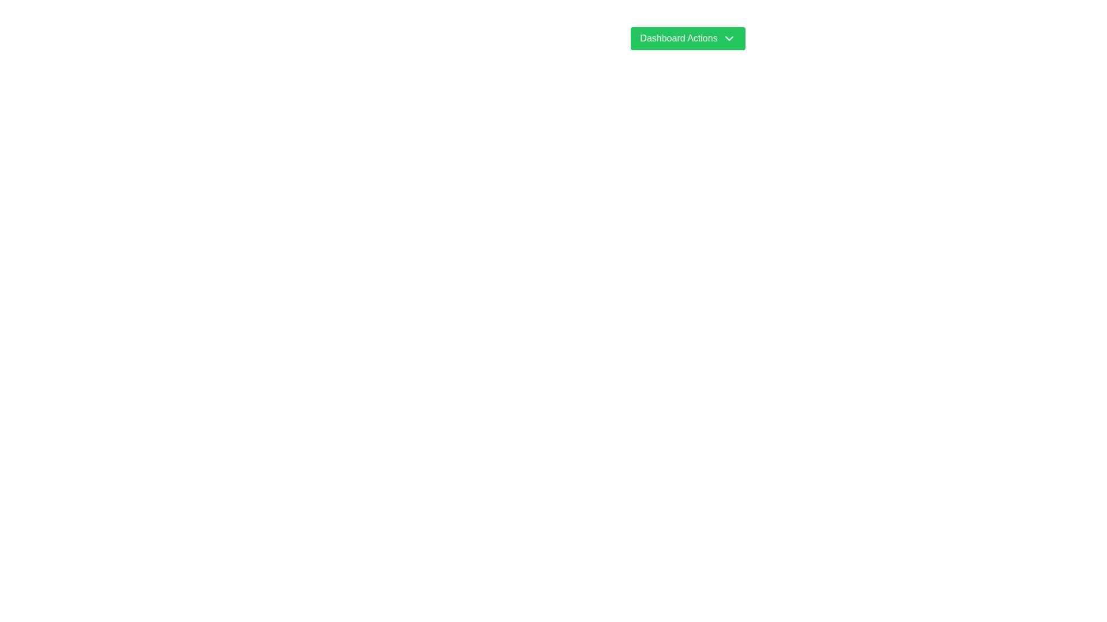 The image size is (1107, 622). I want to click on the green button labeled 'Dashboard Actions' with a dropdown indicator, so click(688, 37).